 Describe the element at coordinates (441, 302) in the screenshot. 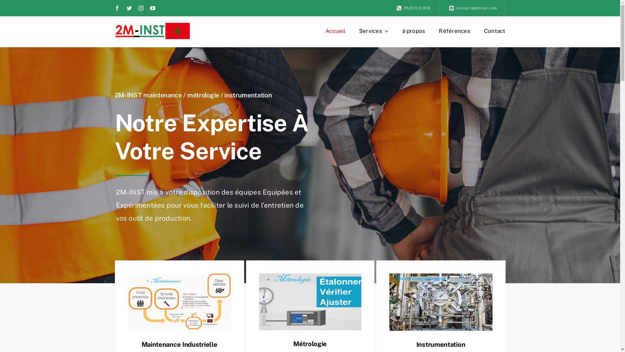

I see `'instrumentation'` at that location.